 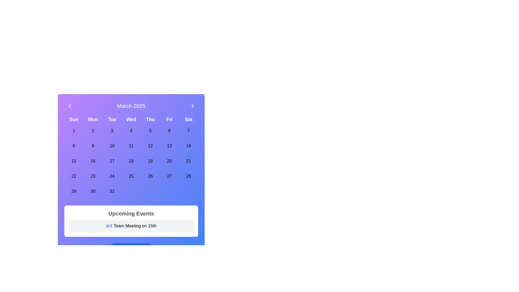 I want to click on the circular button displaying the text '6' in the calendar grid under the 'Fri' column to trigger its background and text styling effects, so click(x=169, y=131).